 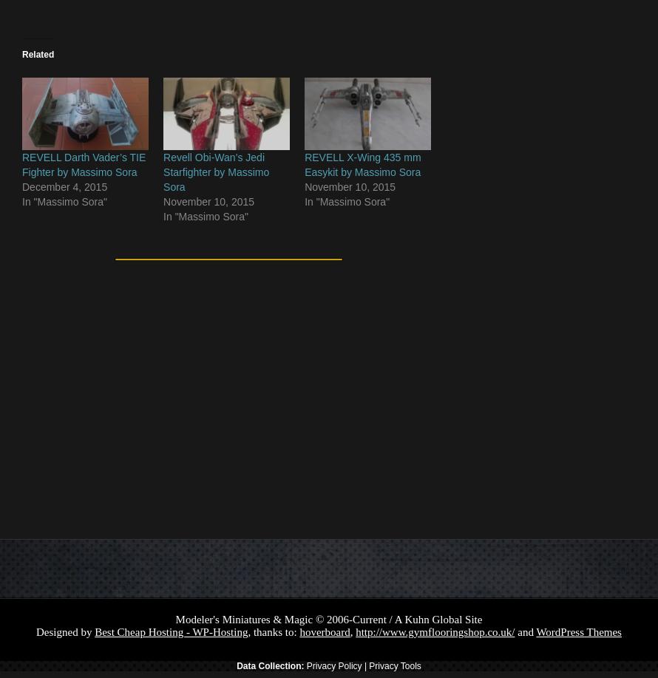 What do you see at coordinates (353, 631) in the screenshot?
I see `','` at bounding box center [353, 631].